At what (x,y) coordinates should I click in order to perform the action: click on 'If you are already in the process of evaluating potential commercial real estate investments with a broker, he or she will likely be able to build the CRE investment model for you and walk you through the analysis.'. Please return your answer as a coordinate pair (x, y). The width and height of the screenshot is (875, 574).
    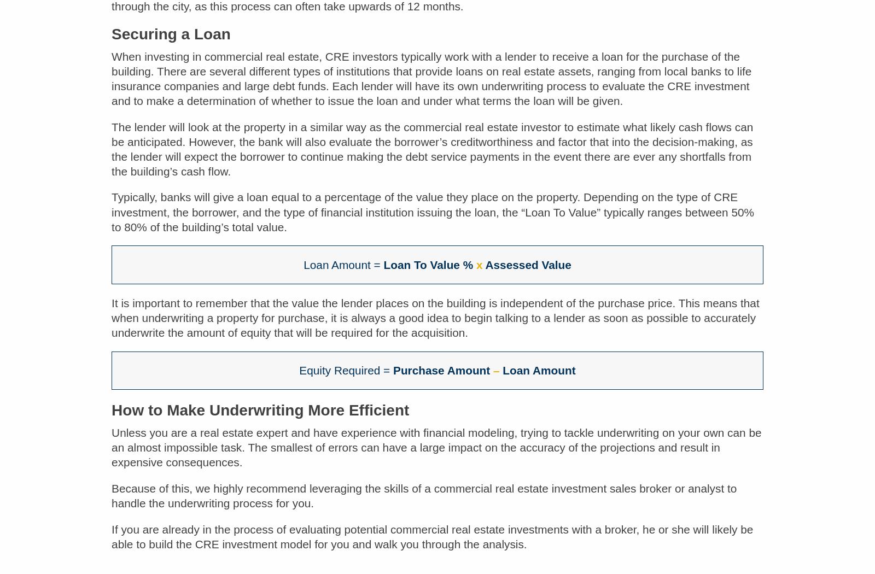
    Looking at the image, I should click on (432, 544).